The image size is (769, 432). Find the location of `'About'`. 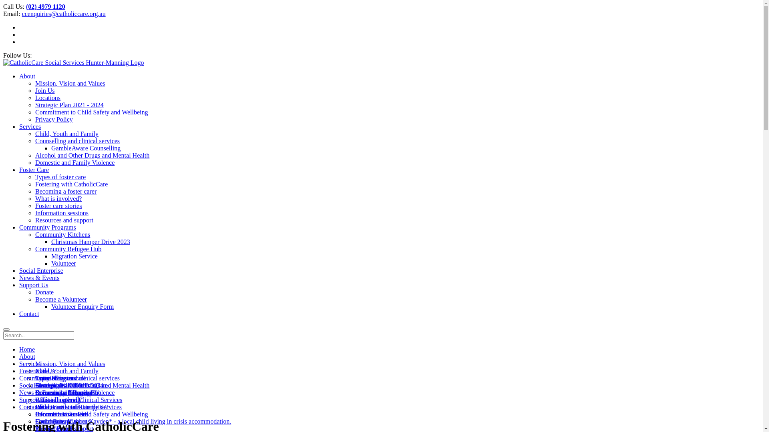

'About' is located at coordinates (19, 356).